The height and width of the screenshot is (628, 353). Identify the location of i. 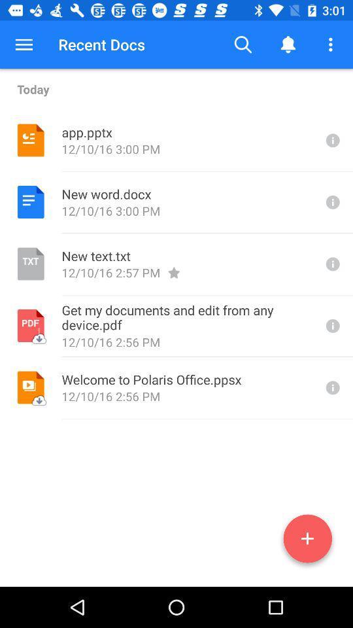
(331, 263).